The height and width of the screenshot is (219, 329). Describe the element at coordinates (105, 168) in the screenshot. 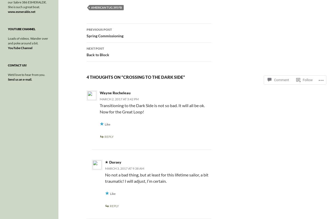

I see `'March 3, 2017 at 9:38 am'` at that location.